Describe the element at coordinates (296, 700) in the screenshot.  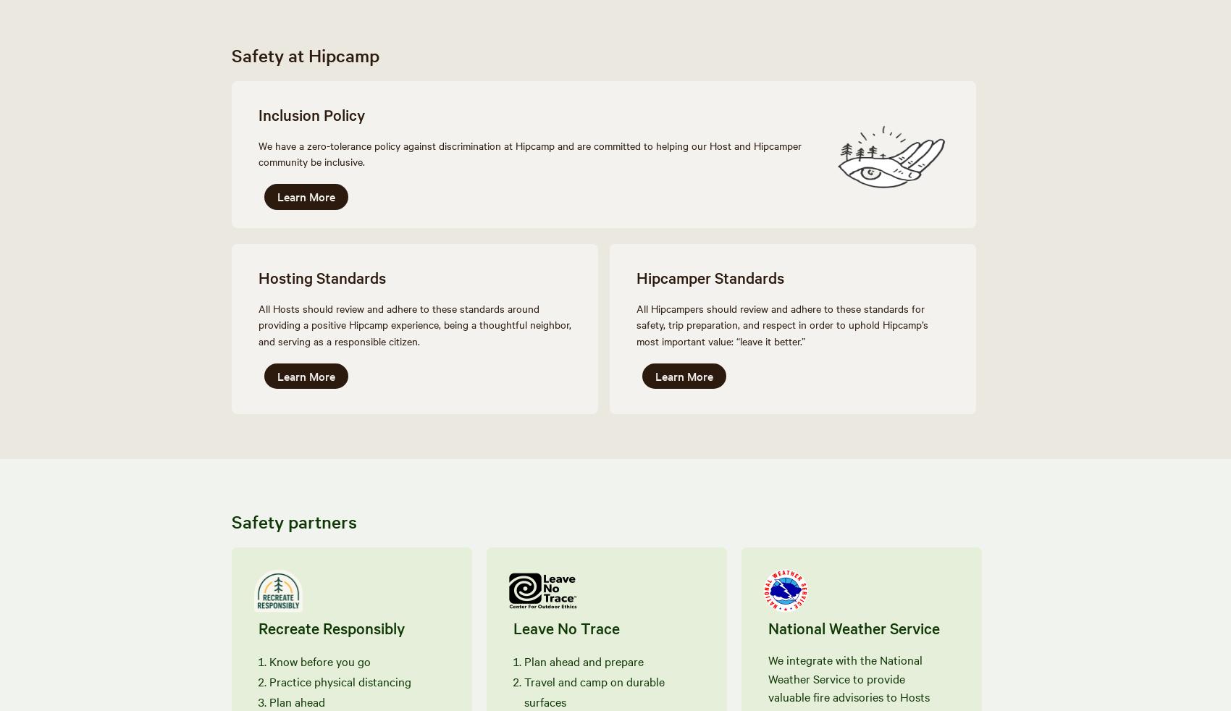
I see `'Plan ahead'` at that location.